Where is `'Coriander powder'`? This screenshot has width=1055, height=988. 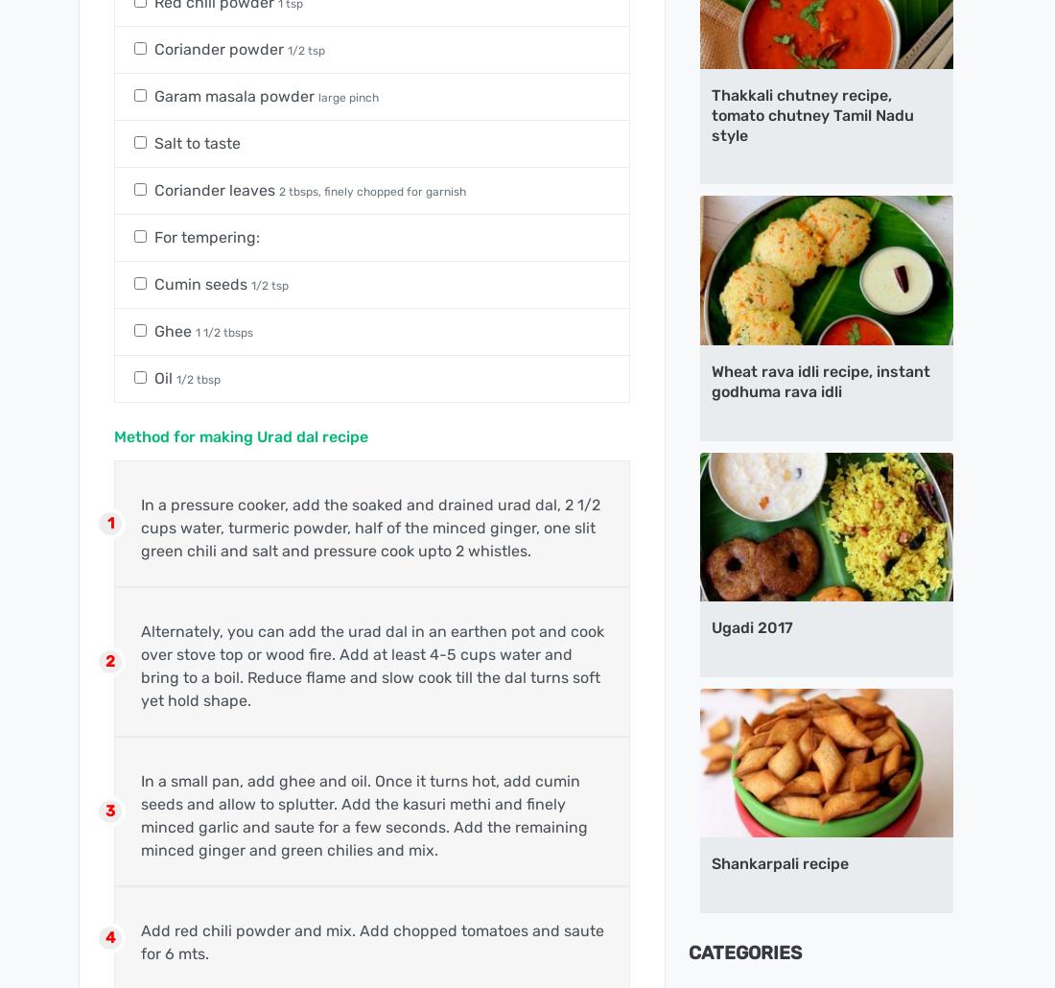
'Coriander powder' is located at coordinates (221, 48).